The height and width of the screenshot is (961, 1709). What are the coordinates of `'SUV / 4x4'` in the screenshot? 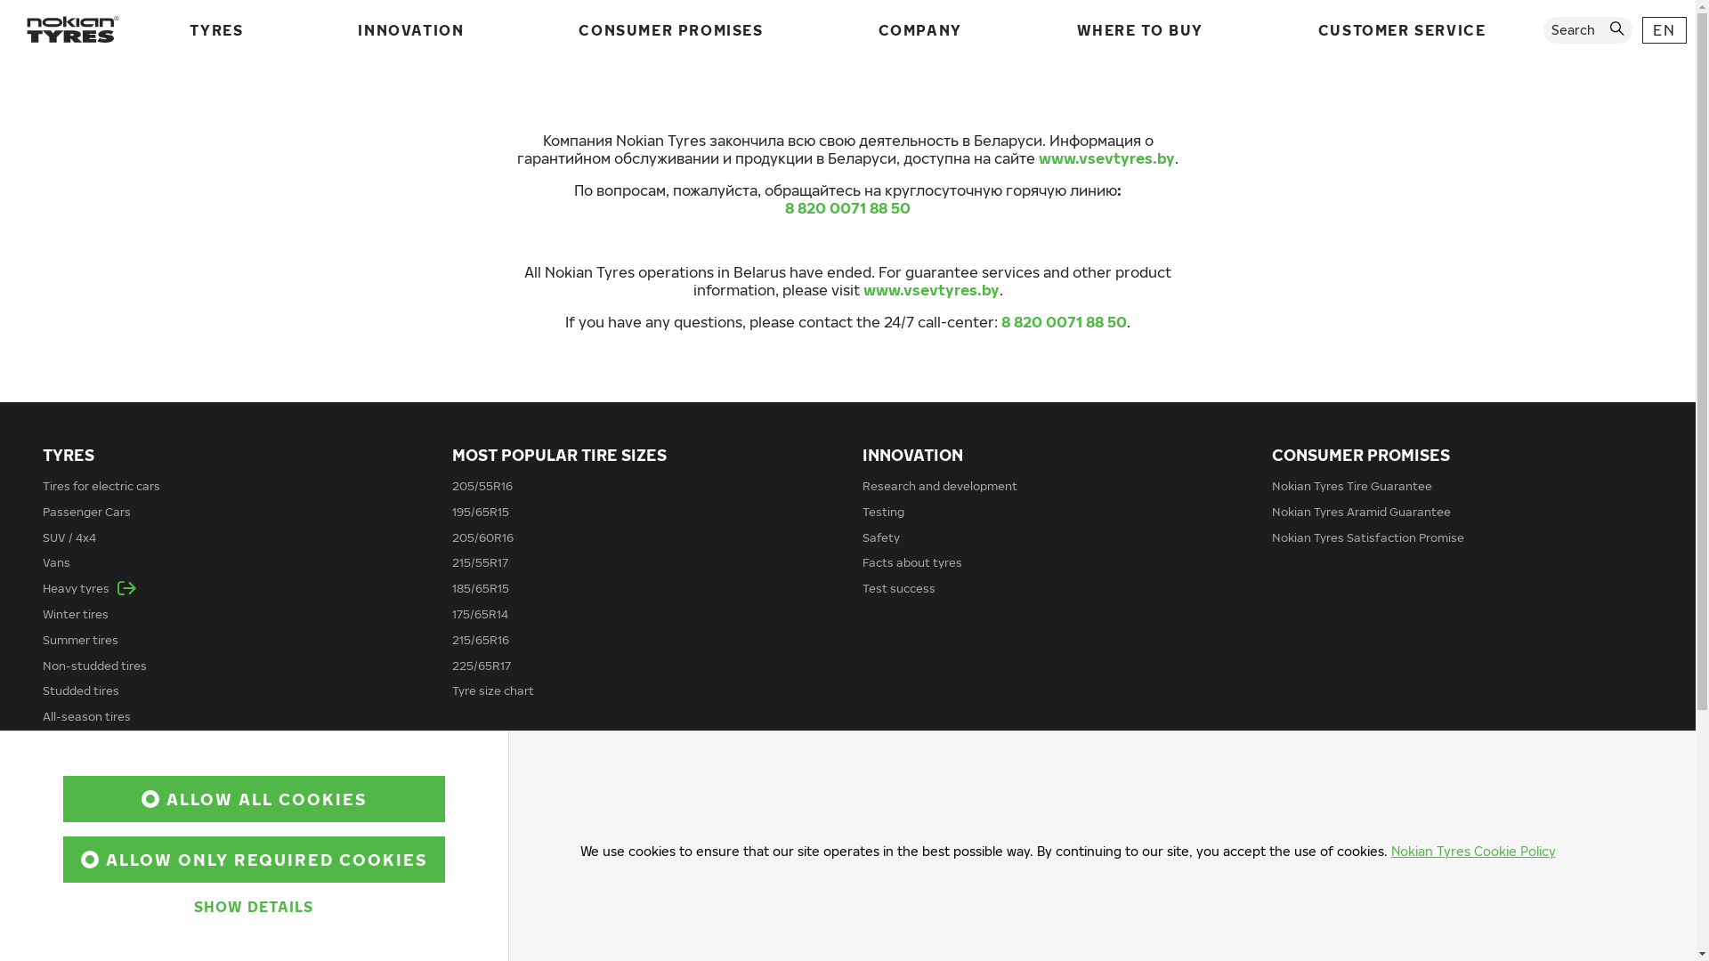 It's located at (69, 537).